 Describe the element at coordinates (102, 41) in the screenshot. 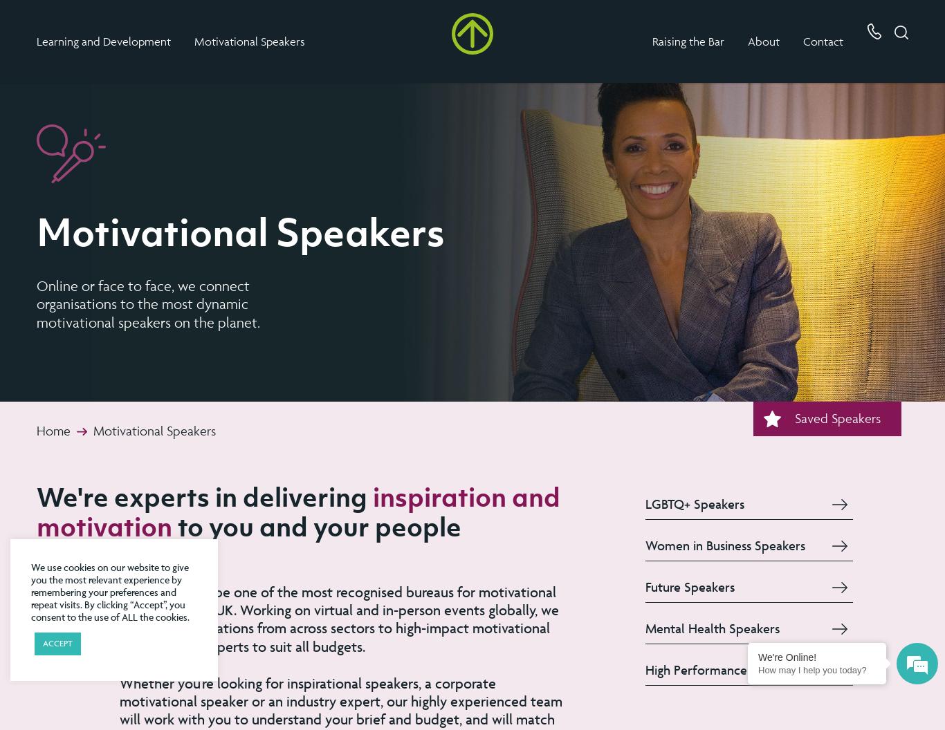

I see `'Learning and Development'` at that location.